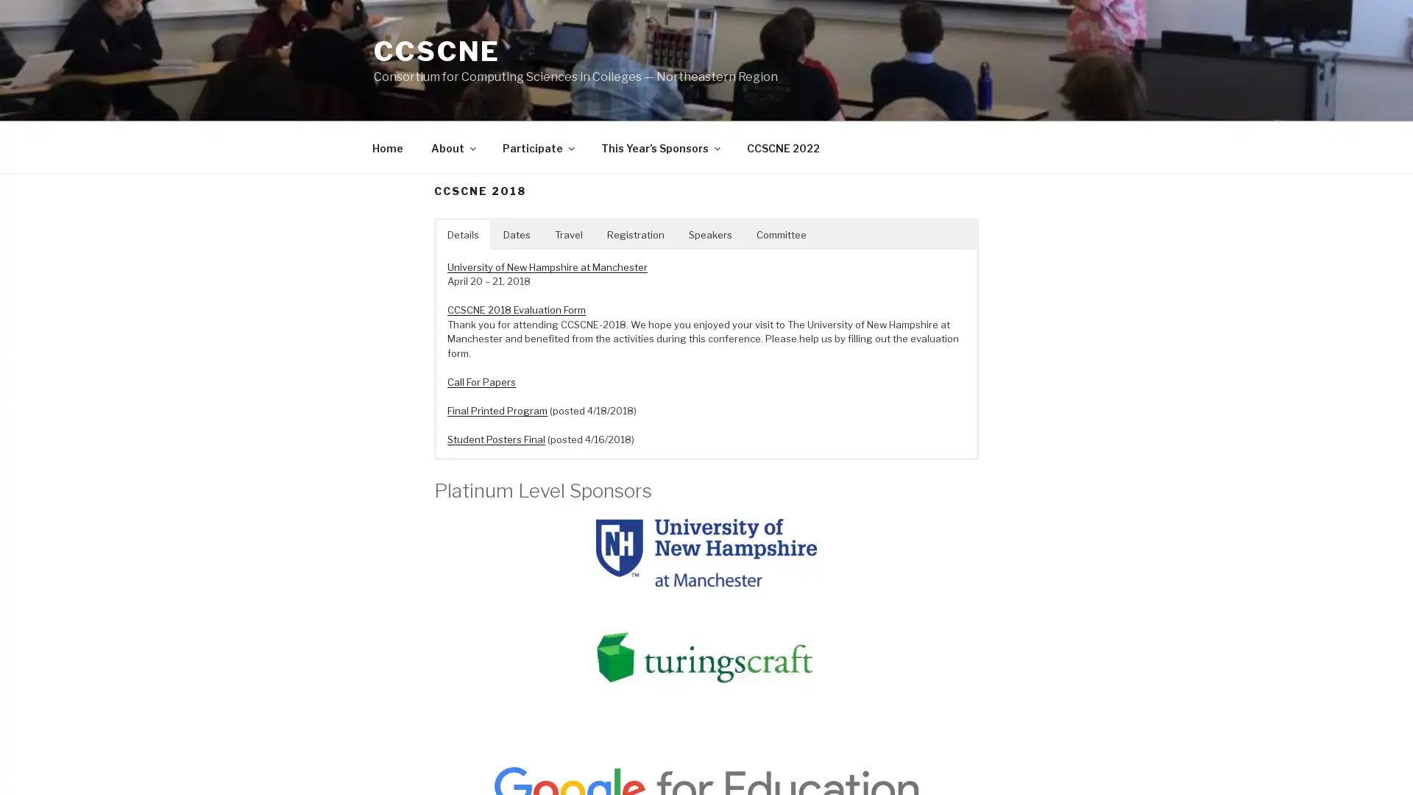 This screenshot has height=795, width=1413. Describe the element at coordinates (462, 233) in the screenshot. I see `Details` at that location.